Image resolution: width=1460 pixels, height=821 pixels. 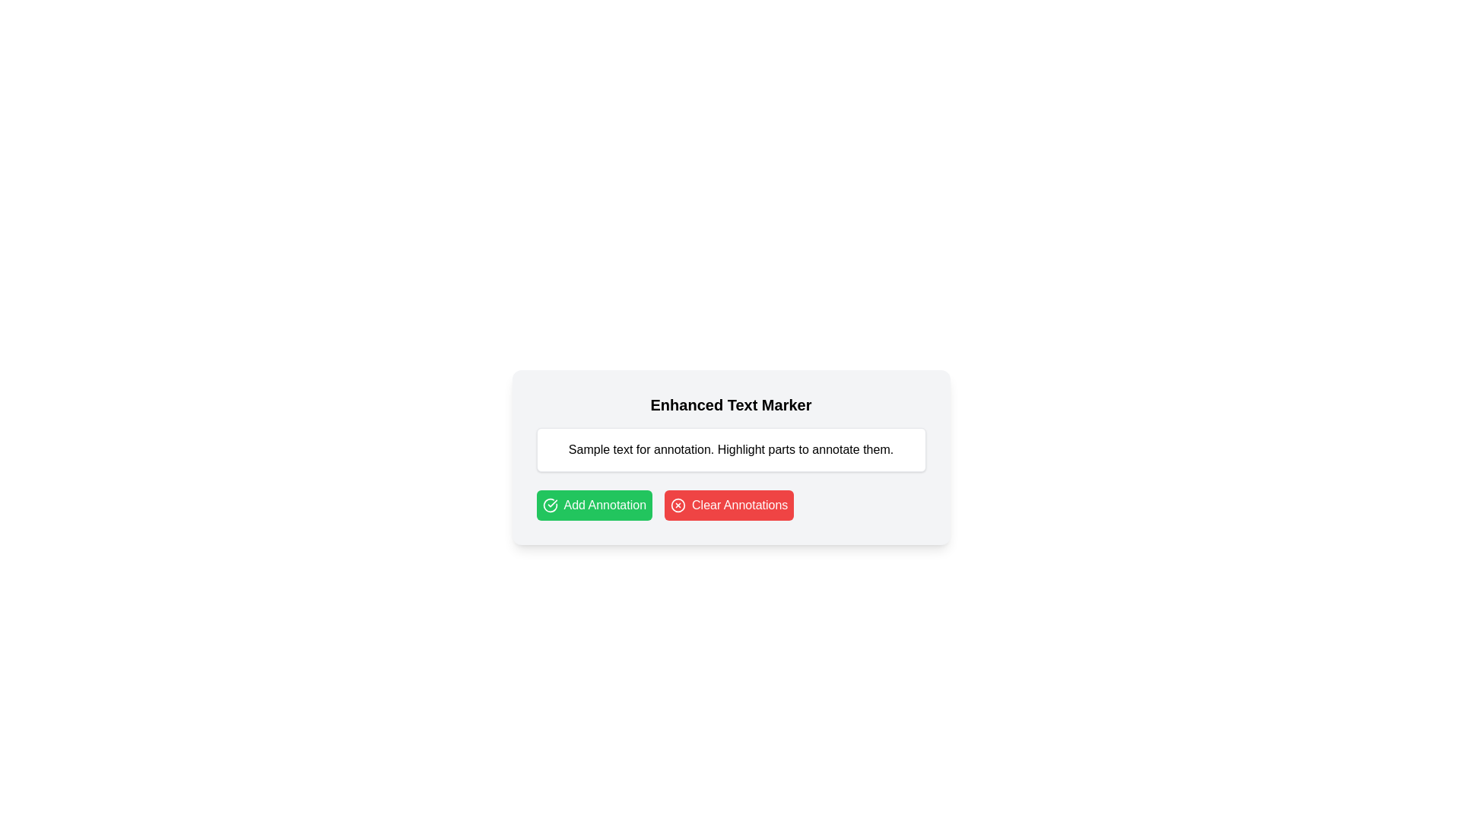 What do you see at coordinates (828, 449) in the screenshot?
I see `the Text character at the end of the sentence in the input field below the title 'Enhanced Text Marker'` at bounding box center [828, 449].